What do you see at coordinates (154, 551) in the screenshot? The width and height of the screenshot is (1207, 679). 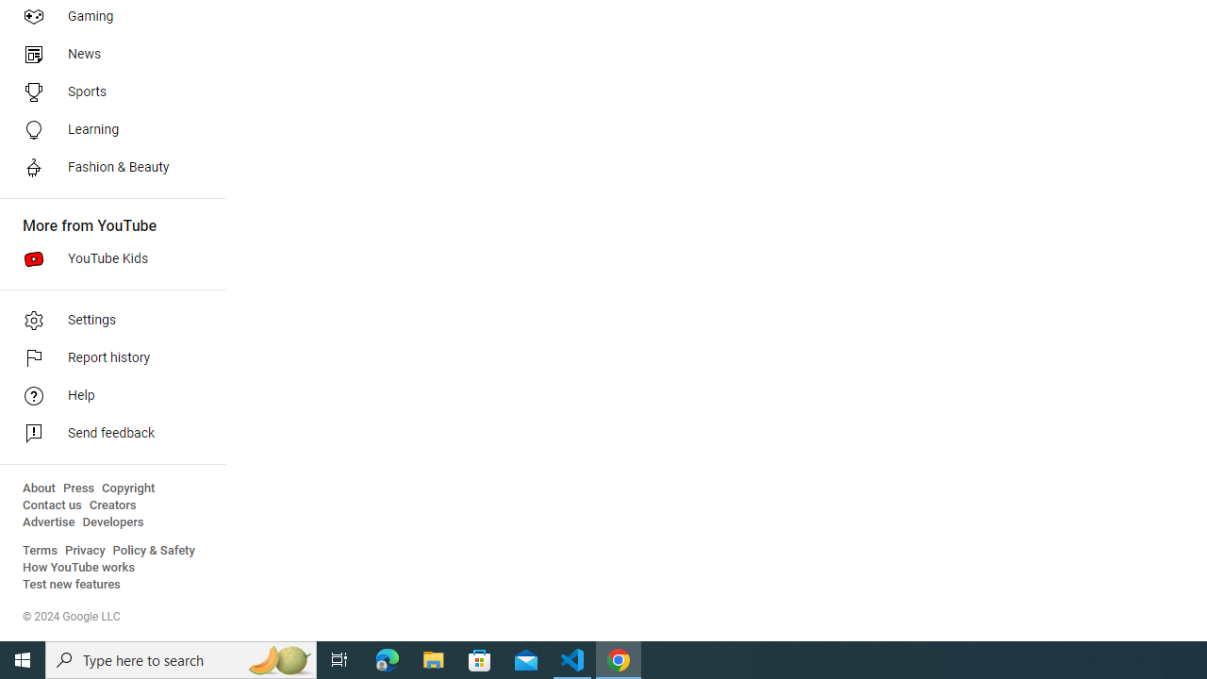 I see `'Policy & Safety'` at bounding box center [154, 551].